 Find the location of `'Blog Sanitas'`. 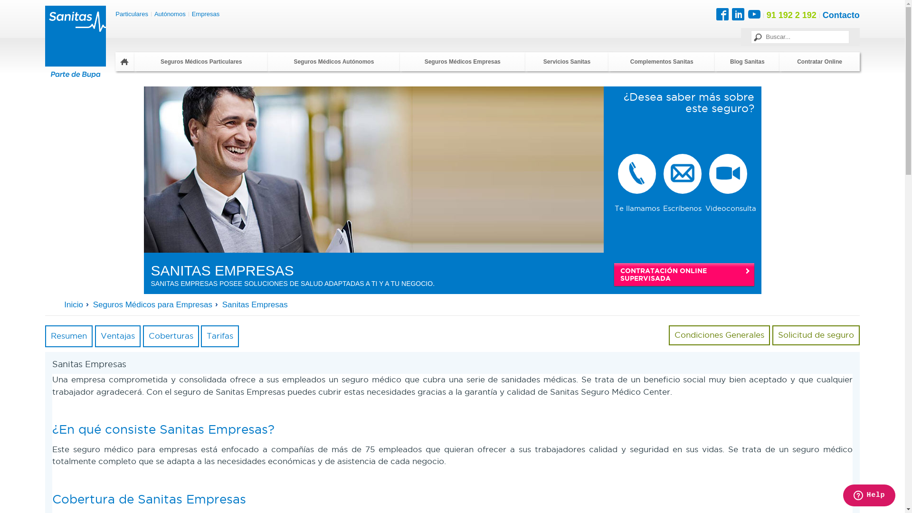

'Blog Sanitas' is located at coordinates (747, 62).